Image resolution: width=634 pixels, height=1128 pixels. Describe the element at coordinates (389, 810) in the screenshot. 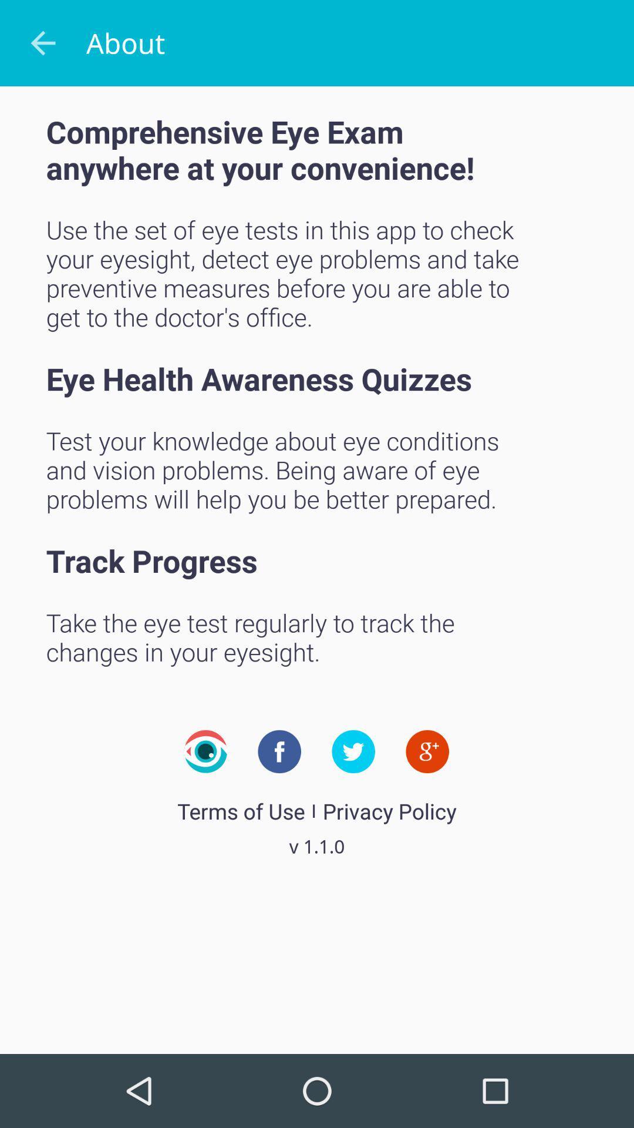

I see `the privacy policy` at that location.